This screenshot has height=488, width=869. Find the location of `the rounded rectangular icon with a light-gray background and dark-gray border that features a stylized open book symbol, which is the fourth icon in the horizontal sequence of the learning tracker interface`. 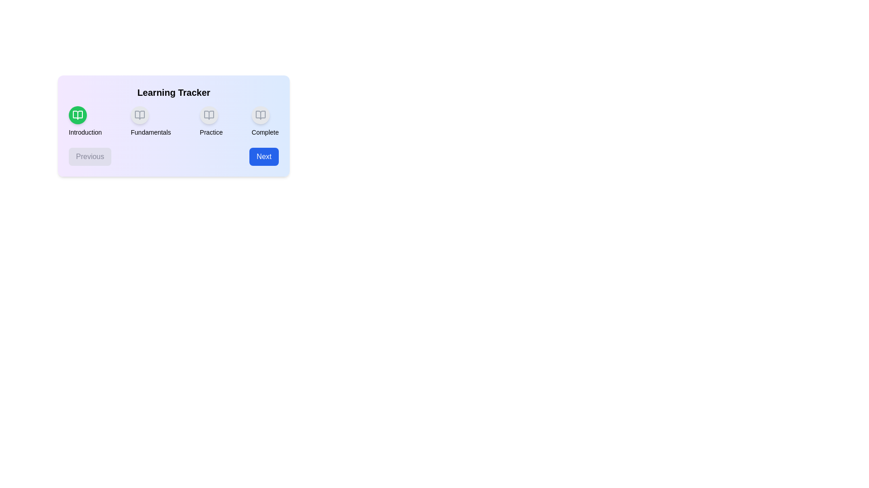

the rounded rectangular icon with a light-gray background and dark-gray border that features a stylized open book symbol, which is the fourth icon in the horizontal sequence of the learning tracker interface is located at coordinates (260, 114).